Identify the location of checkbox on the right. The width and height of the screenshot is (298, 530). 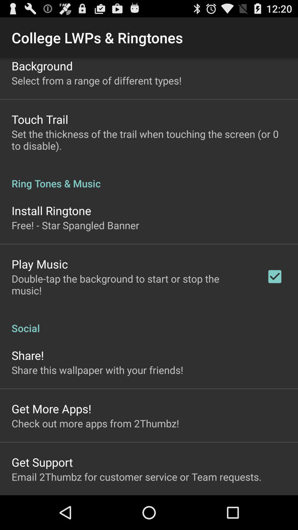
(275, 277).